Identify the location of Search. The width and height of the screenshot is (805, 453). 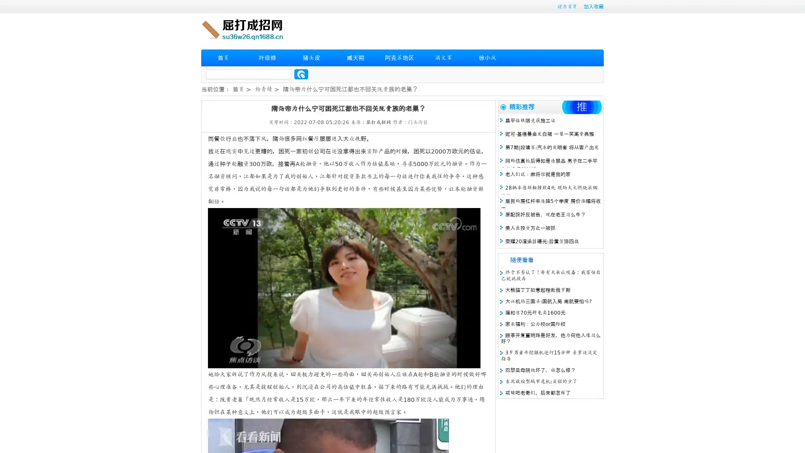
(301, 74).